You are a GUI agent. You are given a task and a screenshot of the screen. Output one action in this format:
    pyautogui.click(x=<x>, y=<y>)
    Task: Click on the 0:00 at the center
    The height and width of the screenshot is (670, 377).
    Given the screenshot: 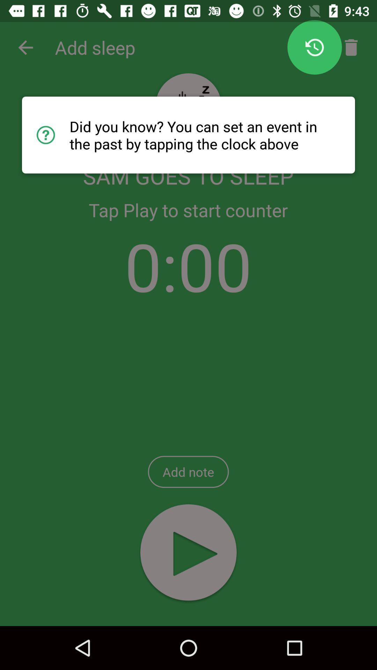 What is the action you would take?
    pyautogui.click(x=188, y=266)
    